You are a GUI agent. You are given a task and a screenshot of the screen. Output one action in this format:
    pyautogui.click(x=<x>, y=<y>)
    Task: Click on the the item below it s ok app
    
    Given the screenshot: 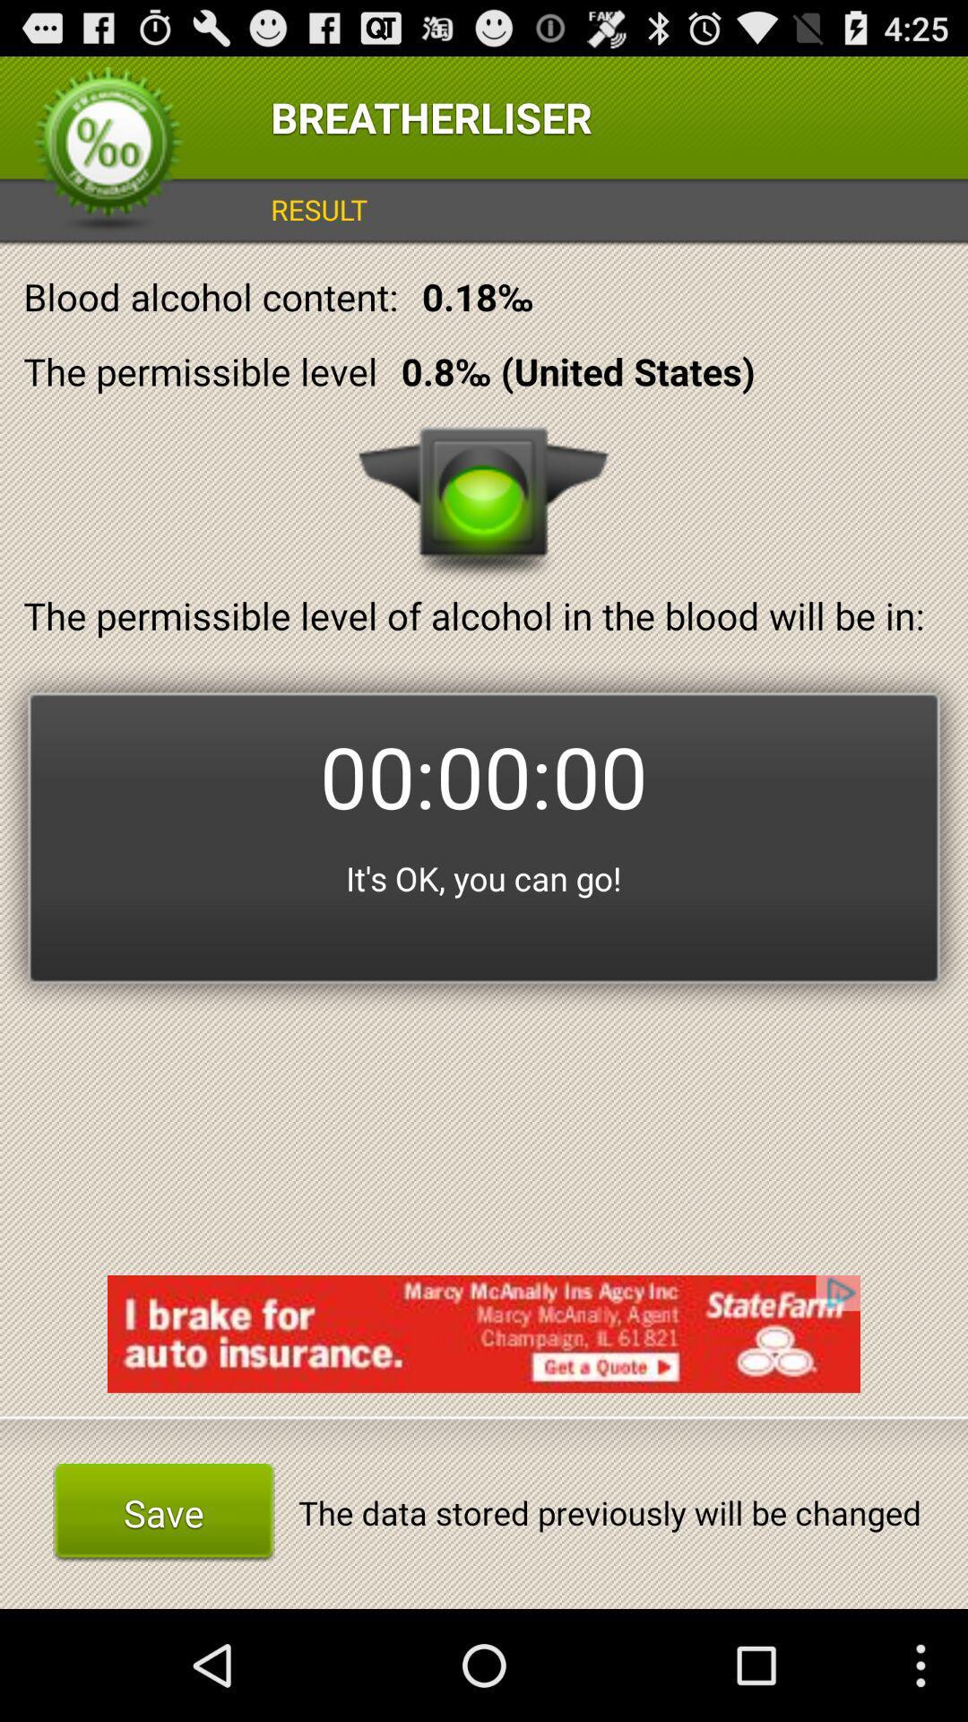 What is the action you would take?
    pyautogui.click(x=484, y=1334)
    